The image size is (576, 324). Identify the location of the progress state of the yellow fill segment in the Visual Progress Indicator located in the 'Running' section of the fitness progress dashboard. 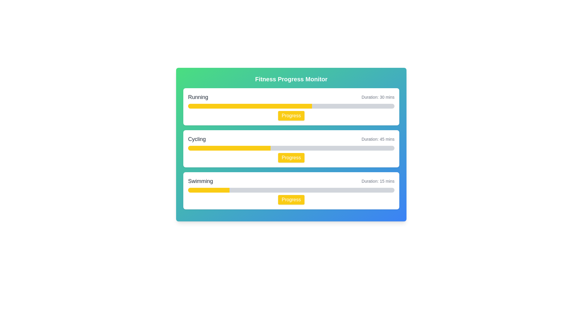
(250, 106).